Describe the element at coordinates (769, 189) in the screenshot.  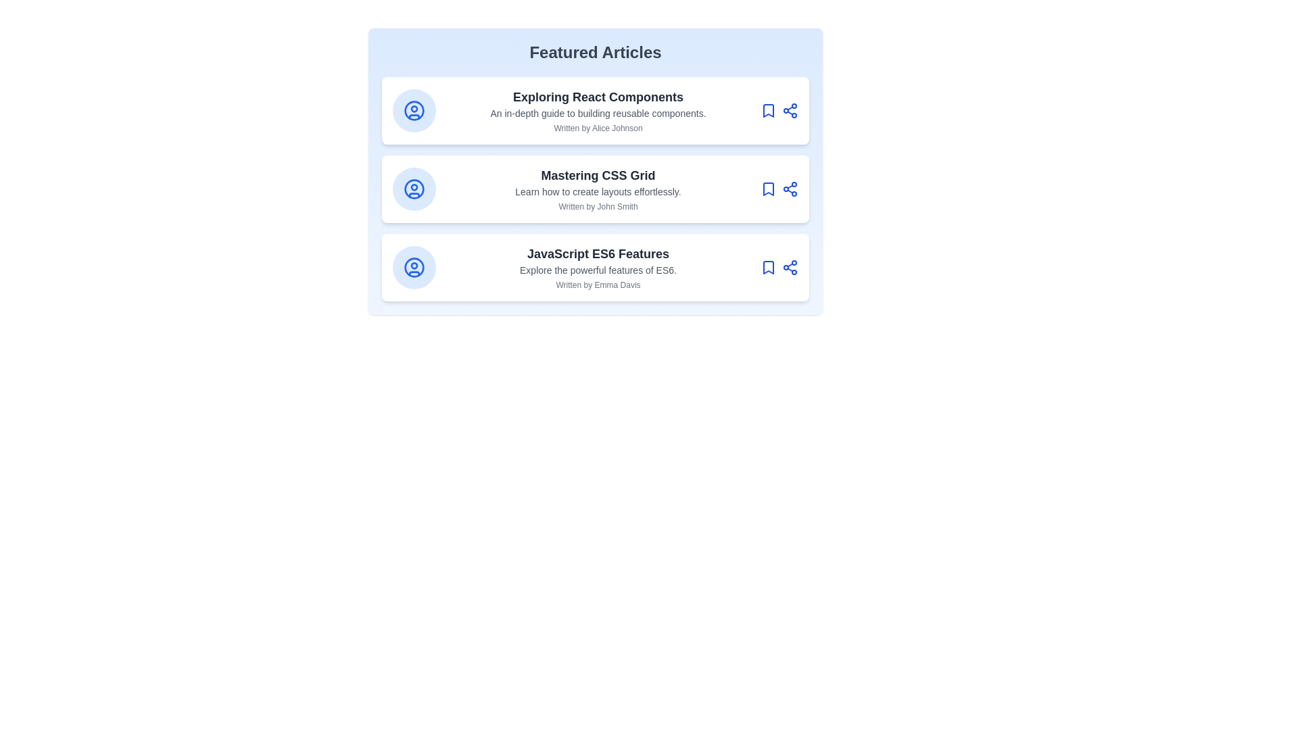
I see `the bookmark icon of the article card titled 'Mastering CSS Grid'` at that location.